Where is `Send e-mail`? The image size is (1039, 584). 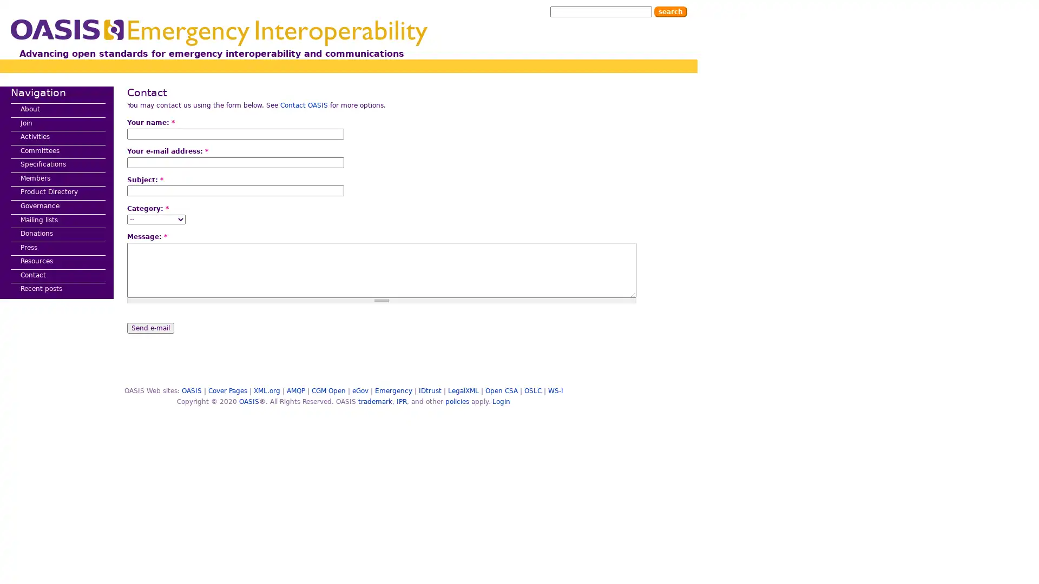
Send e-mail is located at coordinates (150, 327).